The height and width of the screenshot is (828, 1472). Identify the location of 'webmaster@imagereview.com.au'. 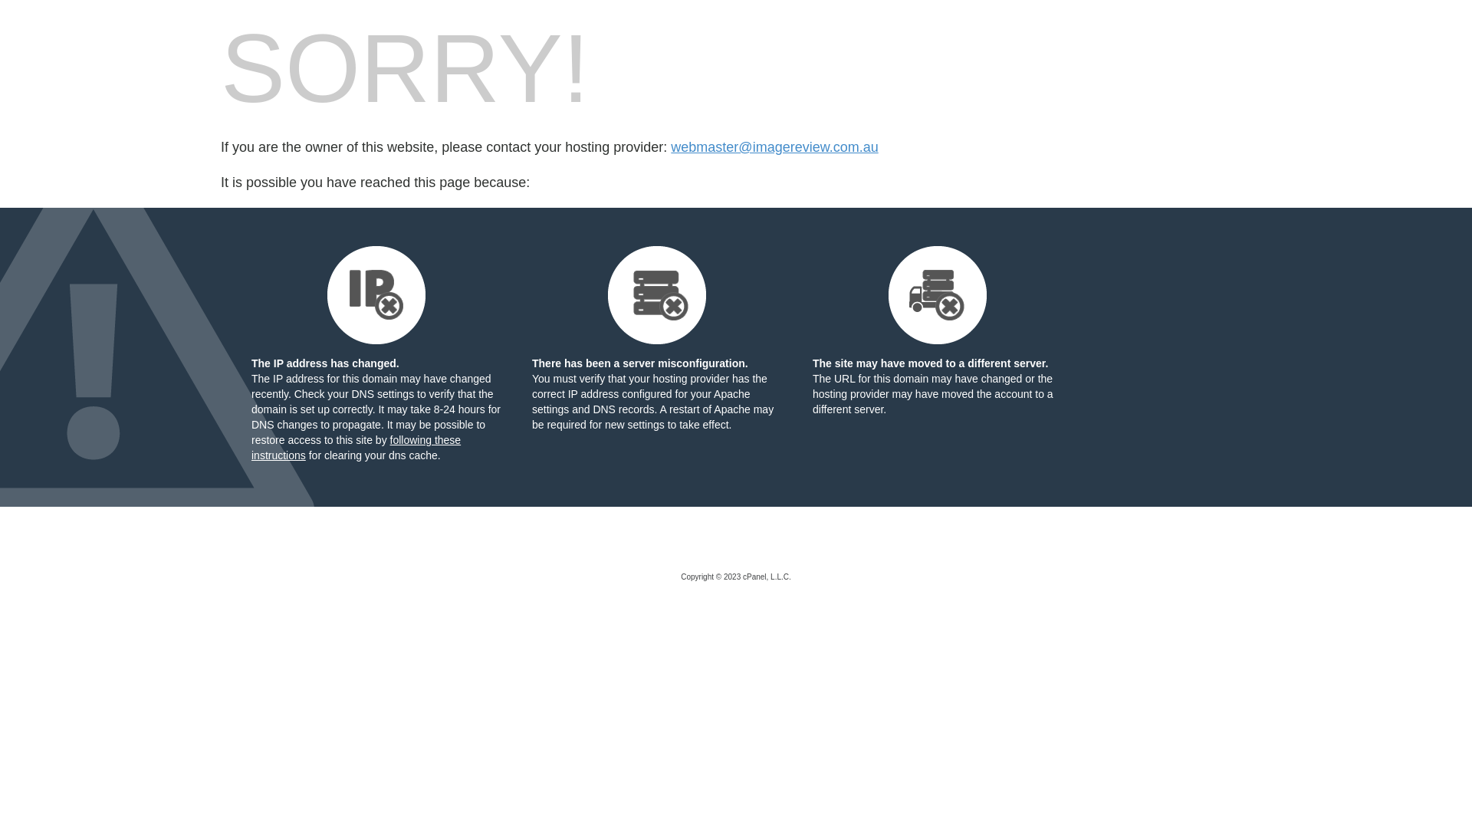
(774, 147).